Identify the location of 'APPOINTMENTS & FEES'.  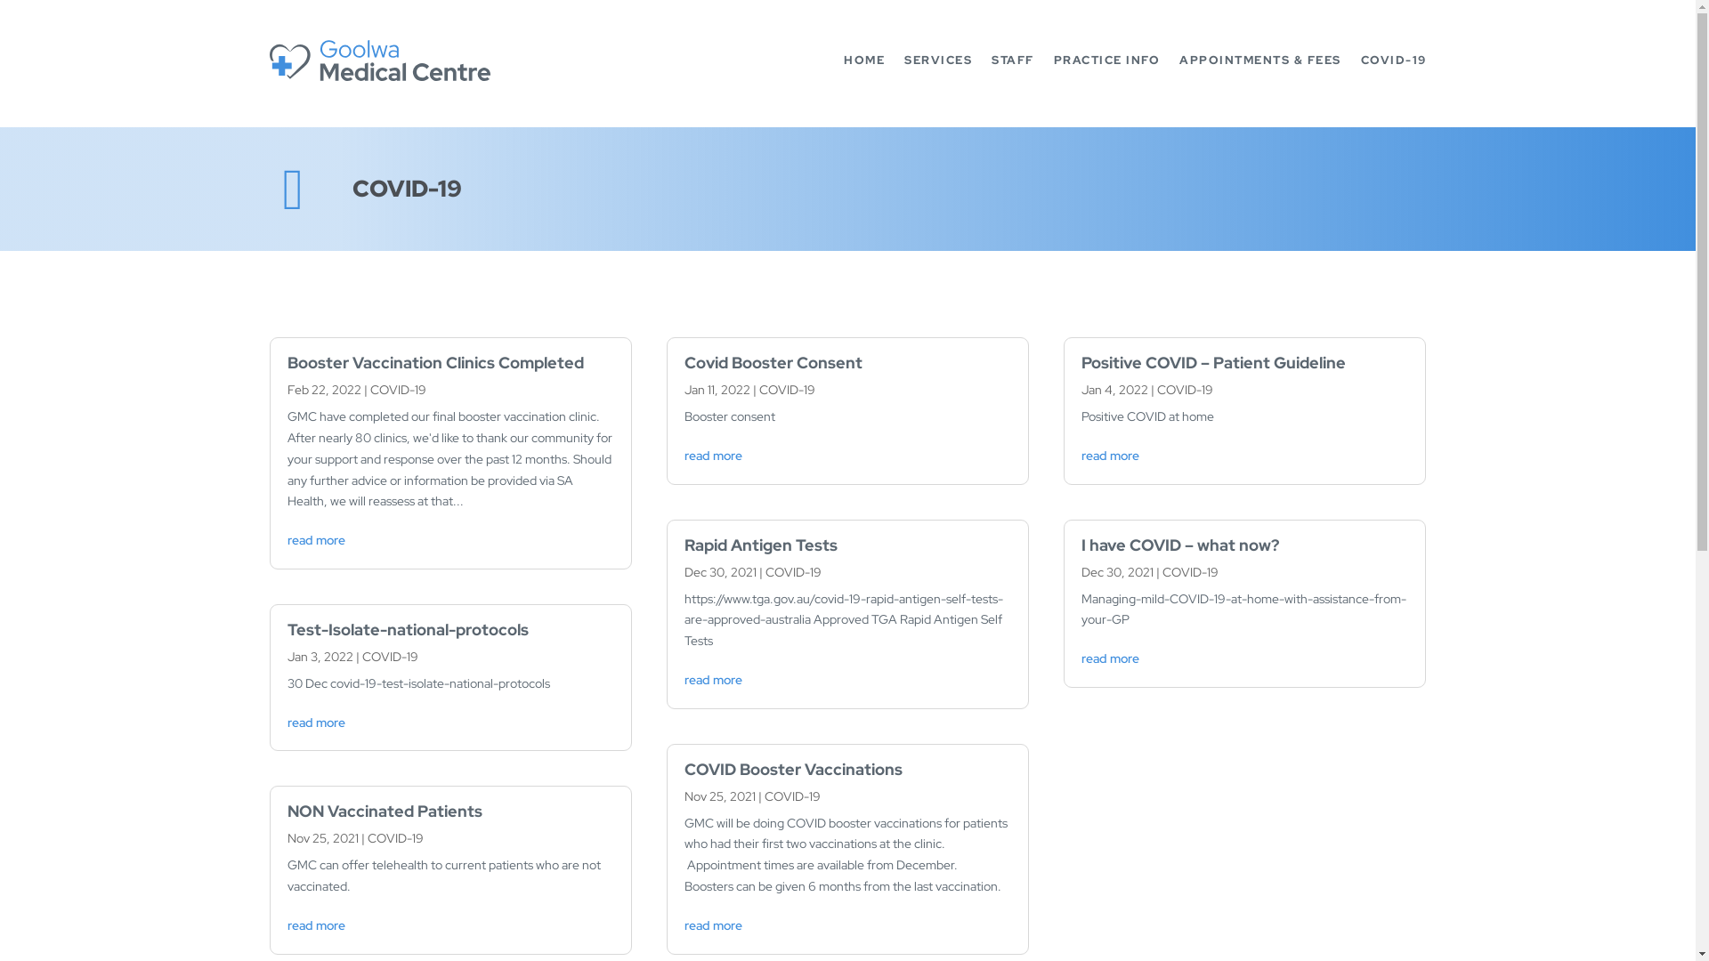
(1259, 60).